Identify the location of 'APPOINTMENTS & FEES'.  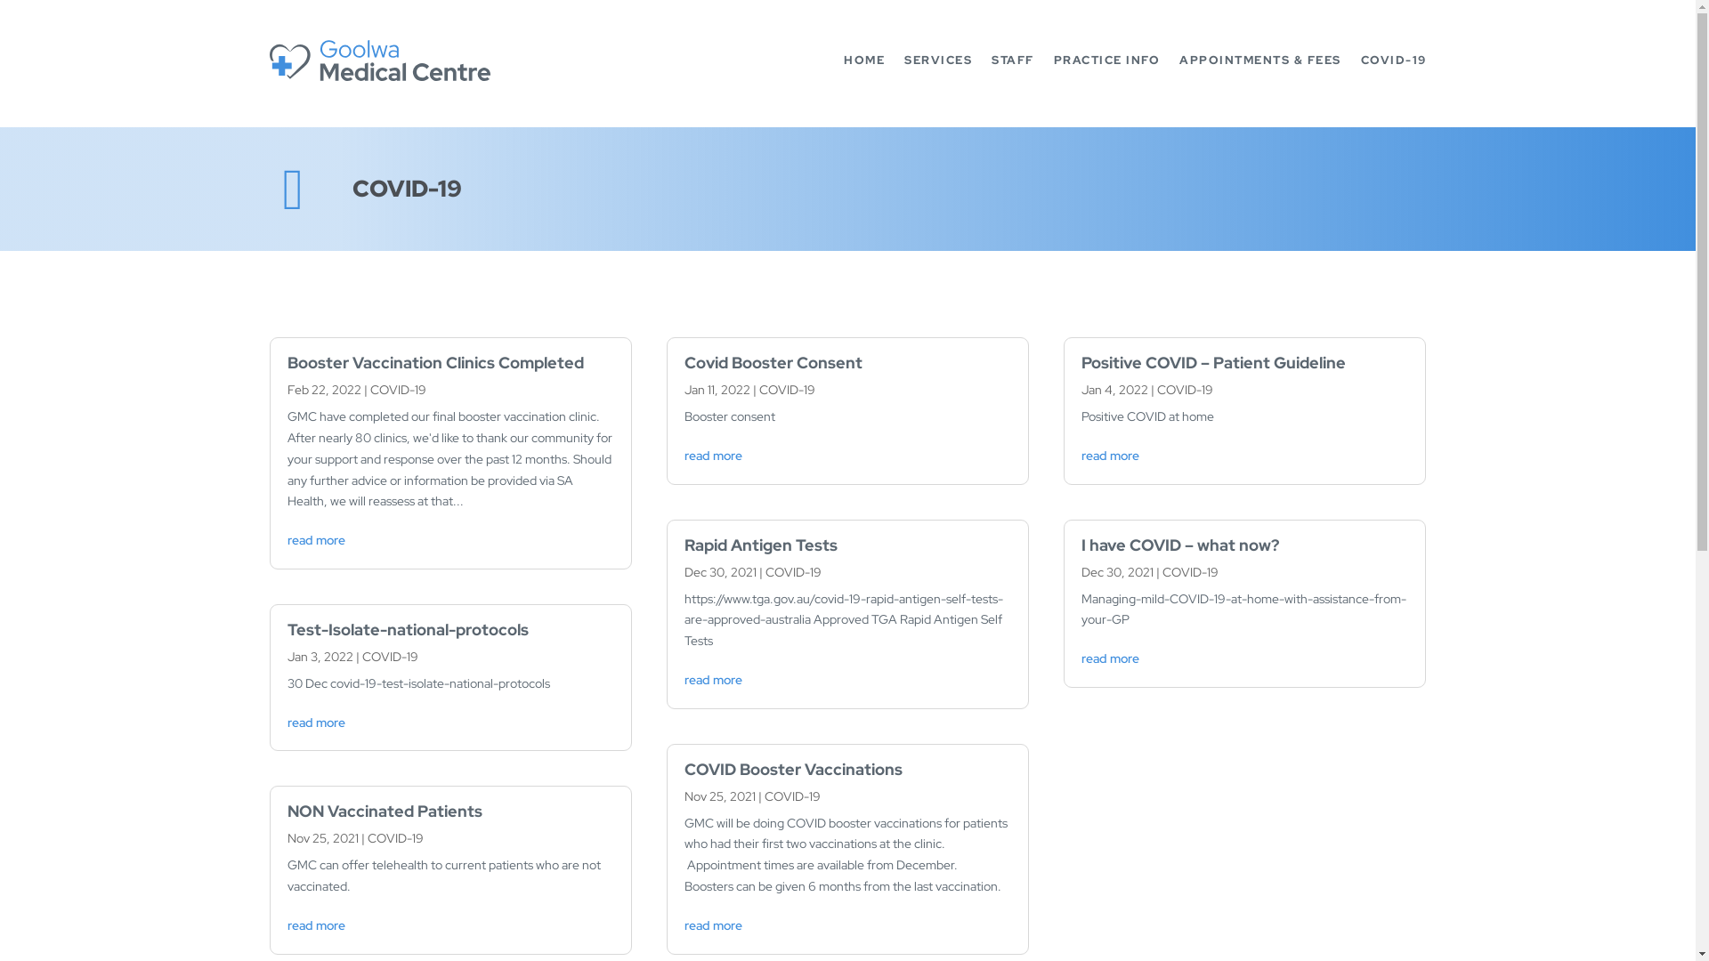
(1259, 60).